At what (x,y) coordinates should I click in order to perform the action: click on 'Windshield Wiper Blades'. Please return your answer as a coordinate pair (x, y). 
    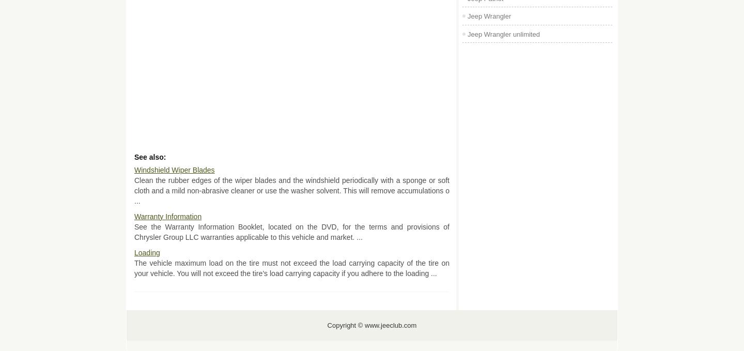
    Looking at the image, I should click on (174, 169).